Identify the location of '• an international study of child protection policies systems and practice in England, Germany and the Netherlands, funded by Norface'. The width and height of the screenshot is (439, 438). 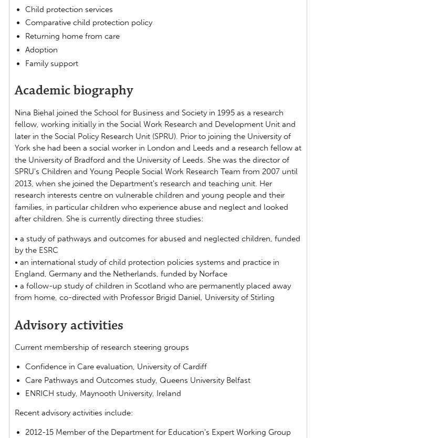
(14, 268).